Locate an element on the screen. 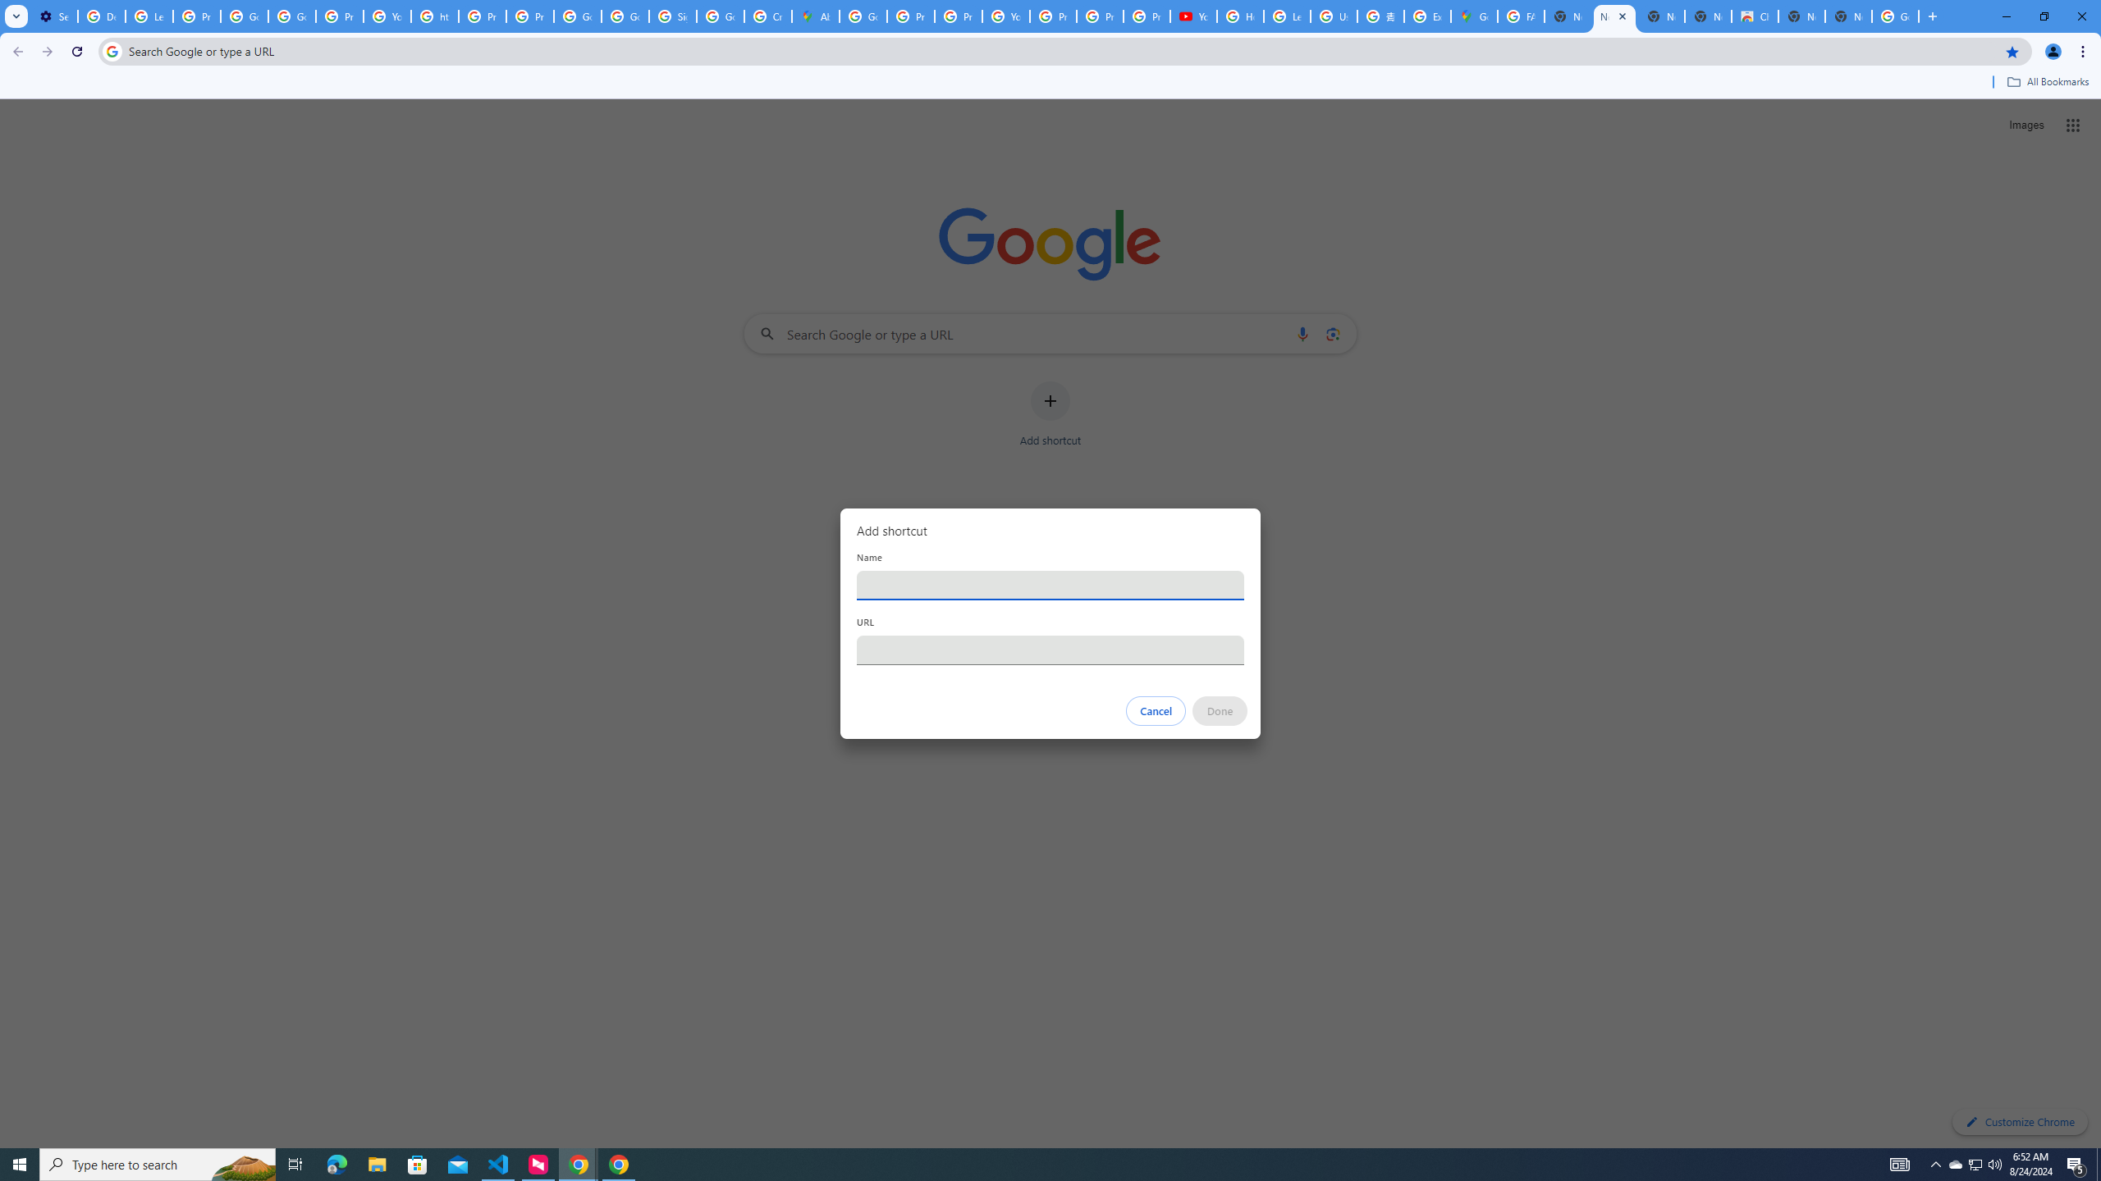  'Explore new street-level details - Google Maps Help' is located at coordinates (1426, 16).